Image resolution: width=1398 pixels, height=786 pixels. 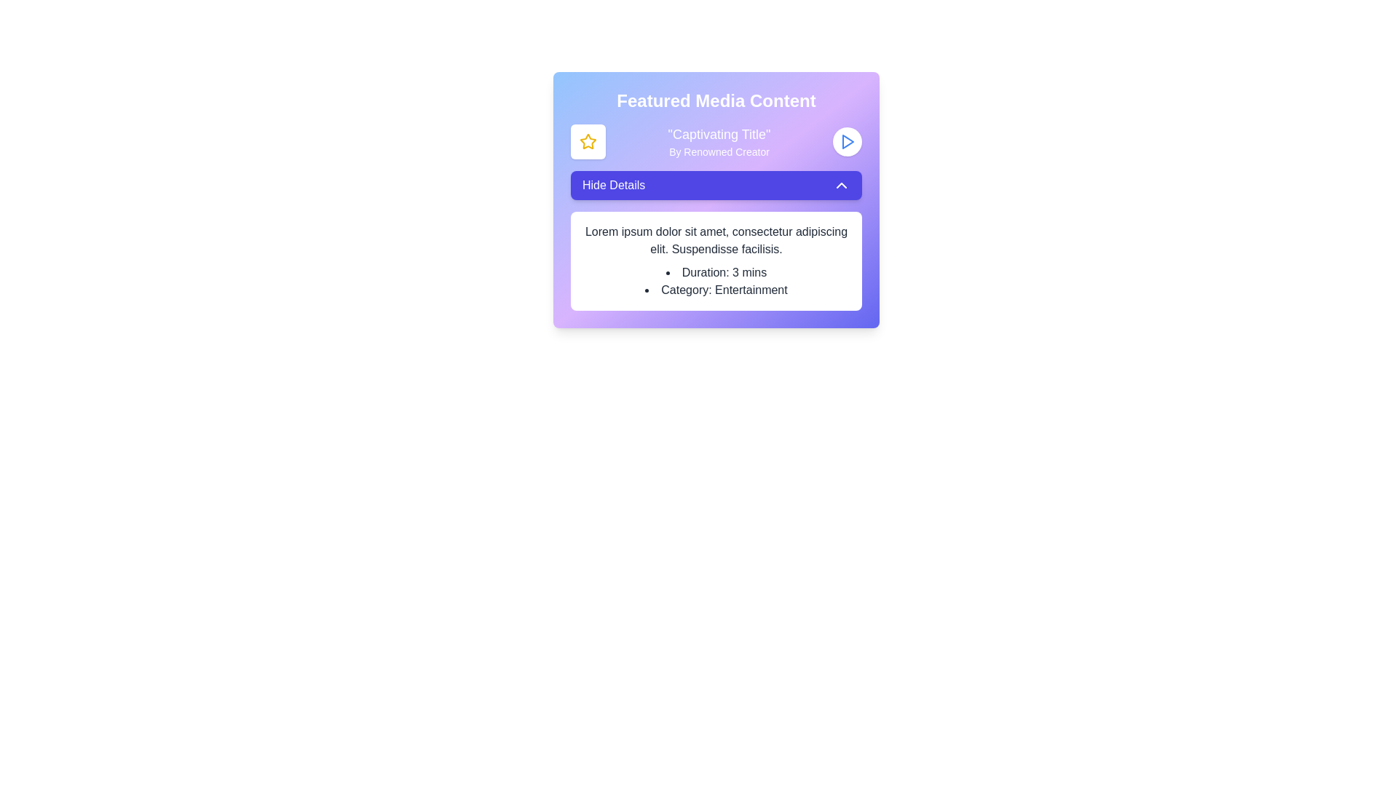 What do you see at coordinates (716, 272) in the screenshot?
I see `the Text Display element that shows the duration of the media content, which is the first item in a bullet-point list under a descriptive paragraph within the card UI component` at bounding box center [716, 272].